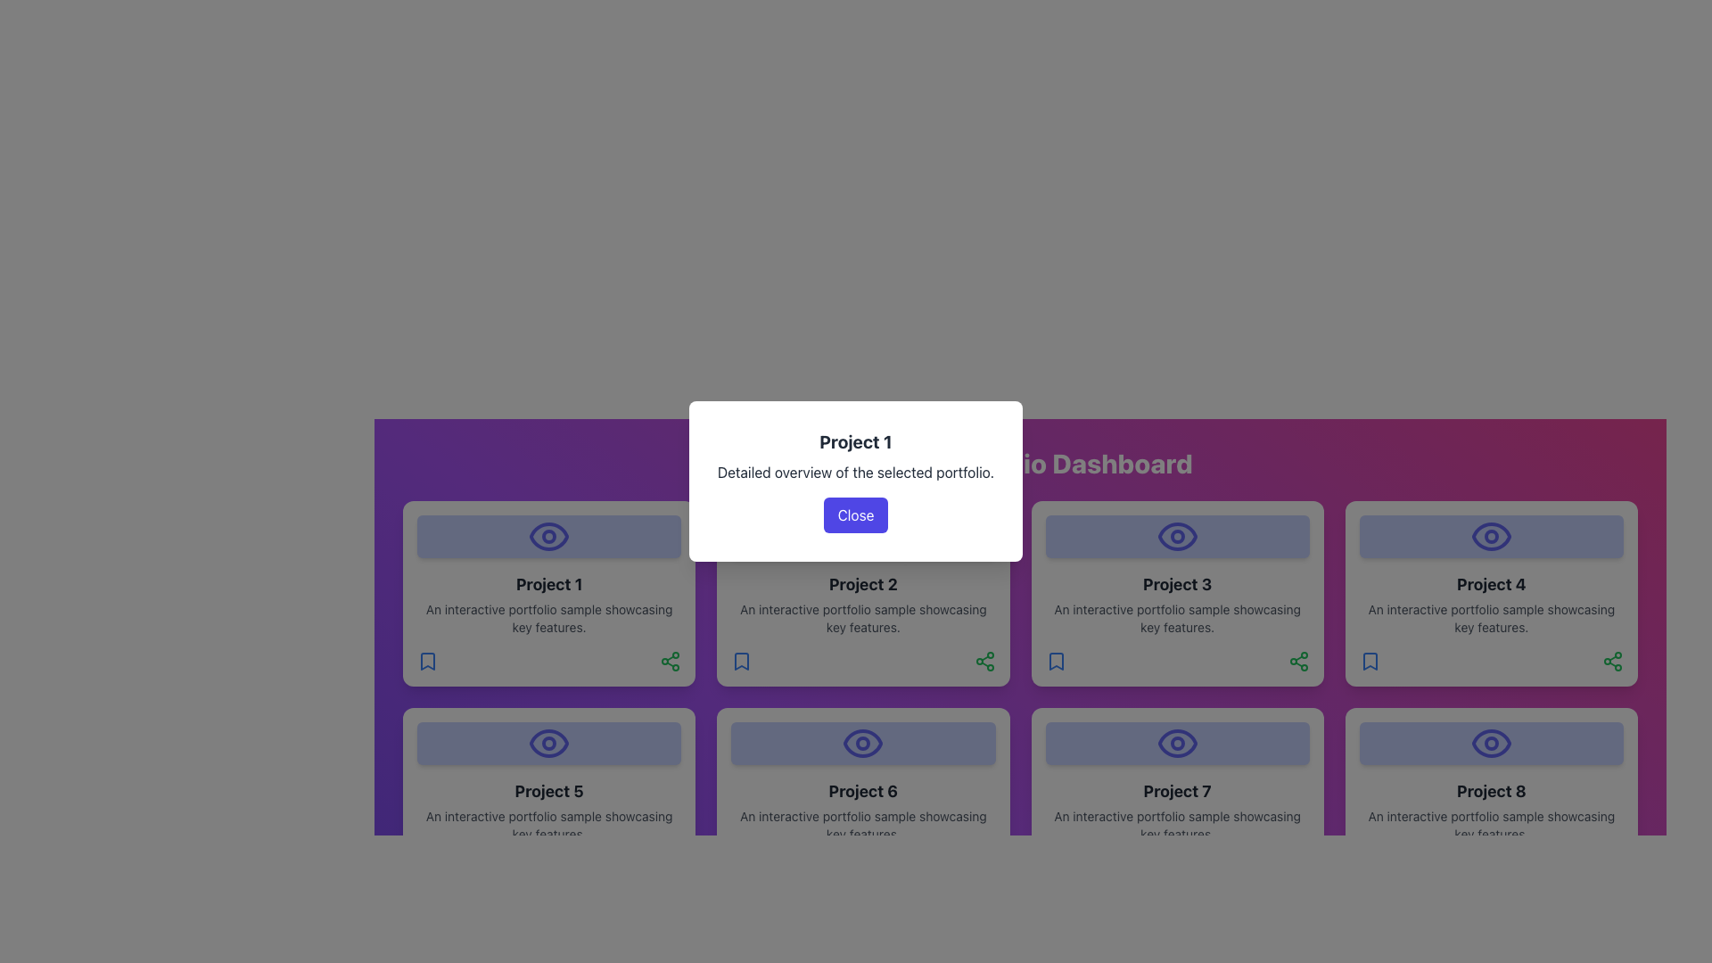 The image size is (1712, 963). I want to click on the icon button located at the bottom-right corner of the 'Project 1' card, so click(670, 661).